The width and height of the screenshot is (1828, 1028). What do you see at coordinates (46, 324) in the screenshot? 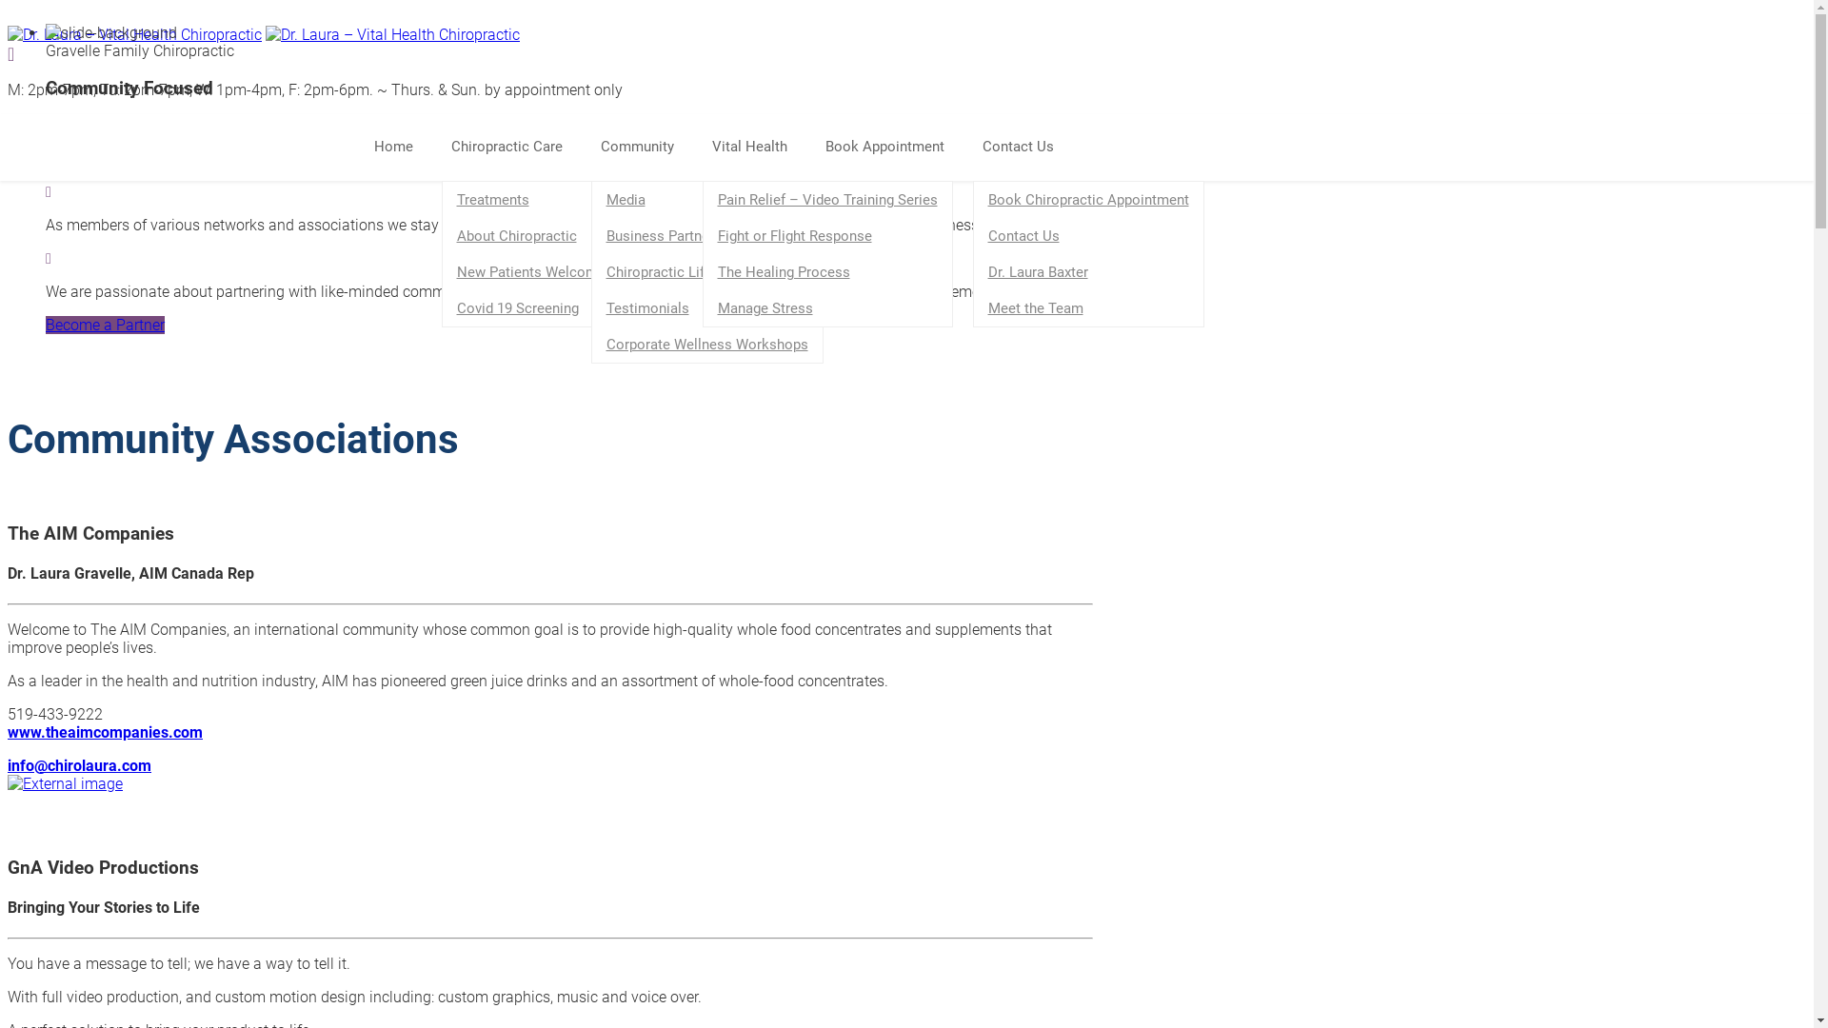
I see `'Become a Partner'` at bounding box center [46, 324].